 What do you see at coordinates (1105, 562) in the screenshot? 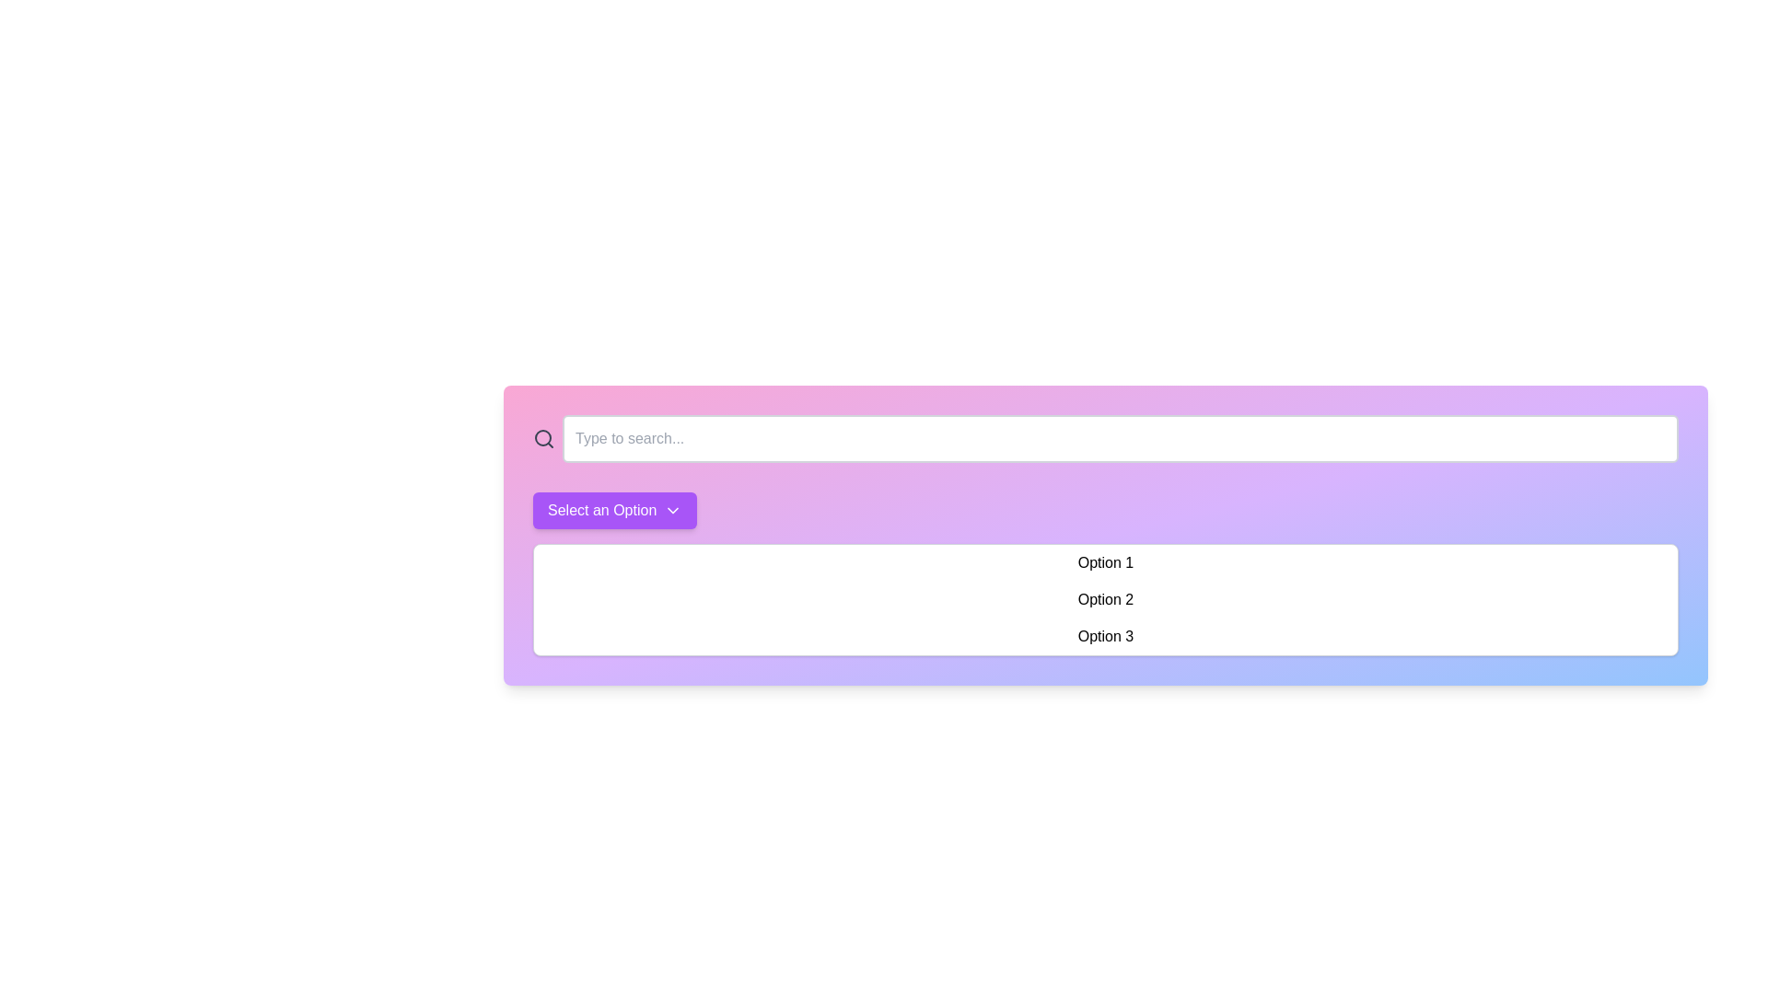
I see `the first selectable option in the dropdown menu` at bounding box center [1105, 562].